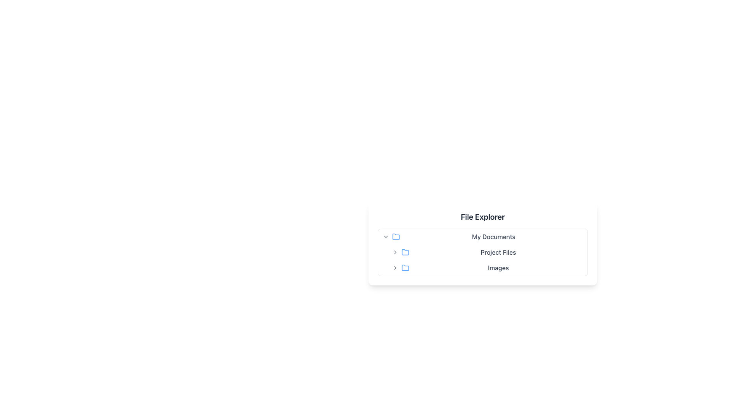 The image size is (747, 420). Describe the element at coordinates (487, 252) in the screenshot. I see `the label for the folder named 'Project Files' in the file explorer` at that location.